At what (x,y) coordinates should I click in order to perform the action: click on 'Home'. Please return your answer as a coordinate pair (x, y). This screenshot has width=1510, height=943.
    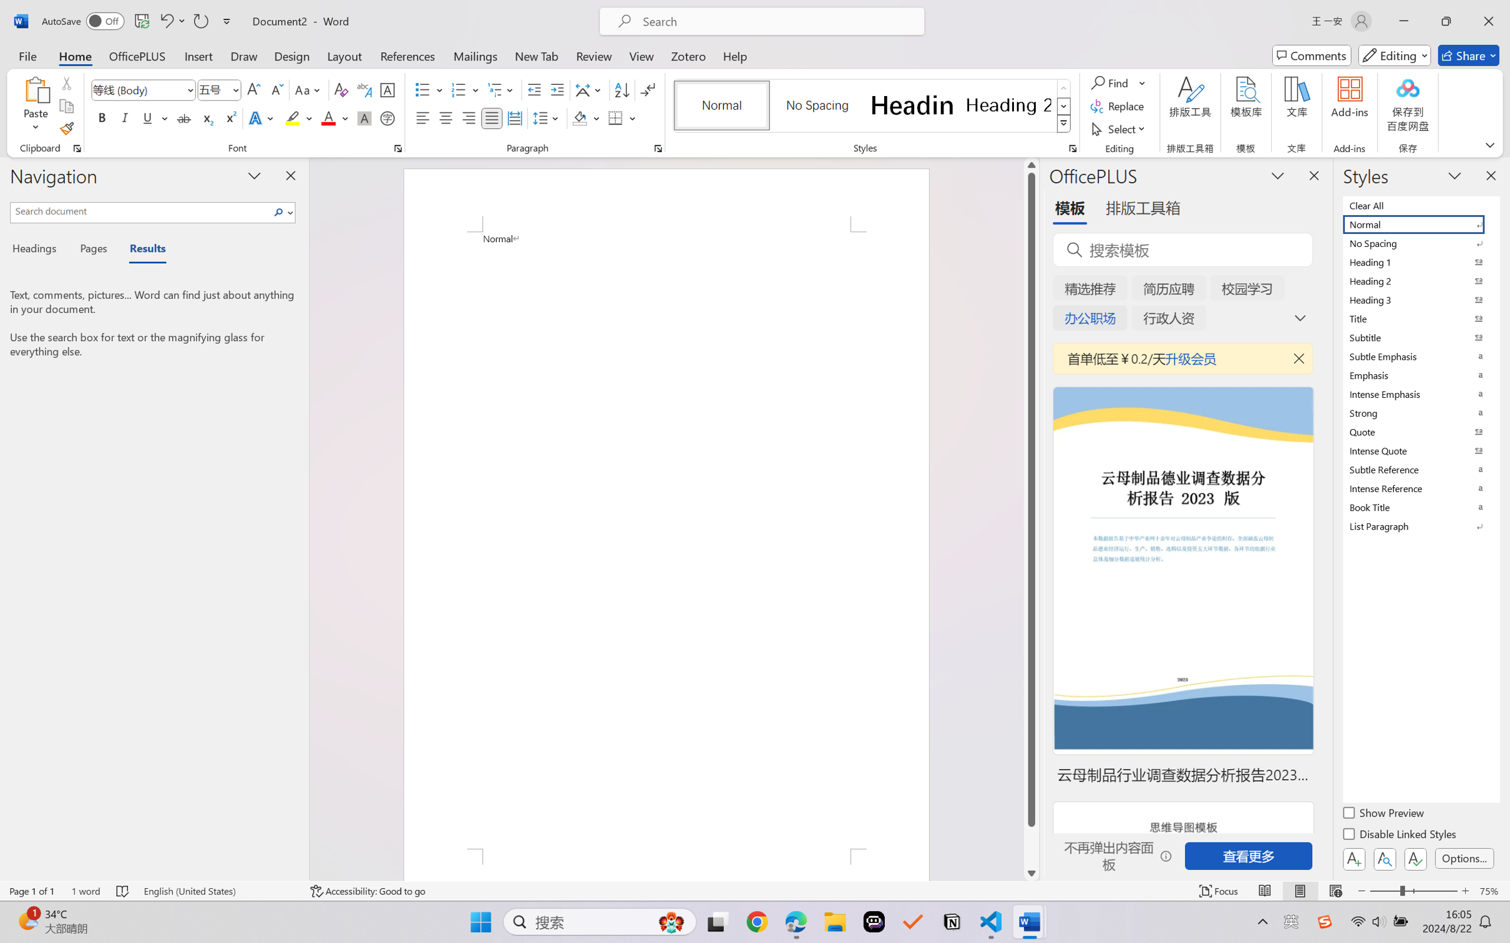
    Looking at the image, I should click on (75, 55).